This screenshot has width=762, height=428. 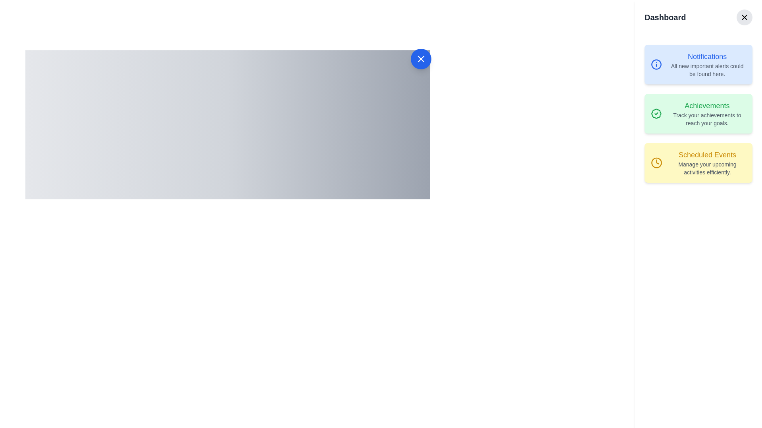 What do you see at coordinates (707, 168) in the screenshot?
I see `the text element displaying 'Manage your upcoming activities efficiently.' which is located below the 'Scheduled Events' heading in a yellow box` at bounding box center [707, 168].